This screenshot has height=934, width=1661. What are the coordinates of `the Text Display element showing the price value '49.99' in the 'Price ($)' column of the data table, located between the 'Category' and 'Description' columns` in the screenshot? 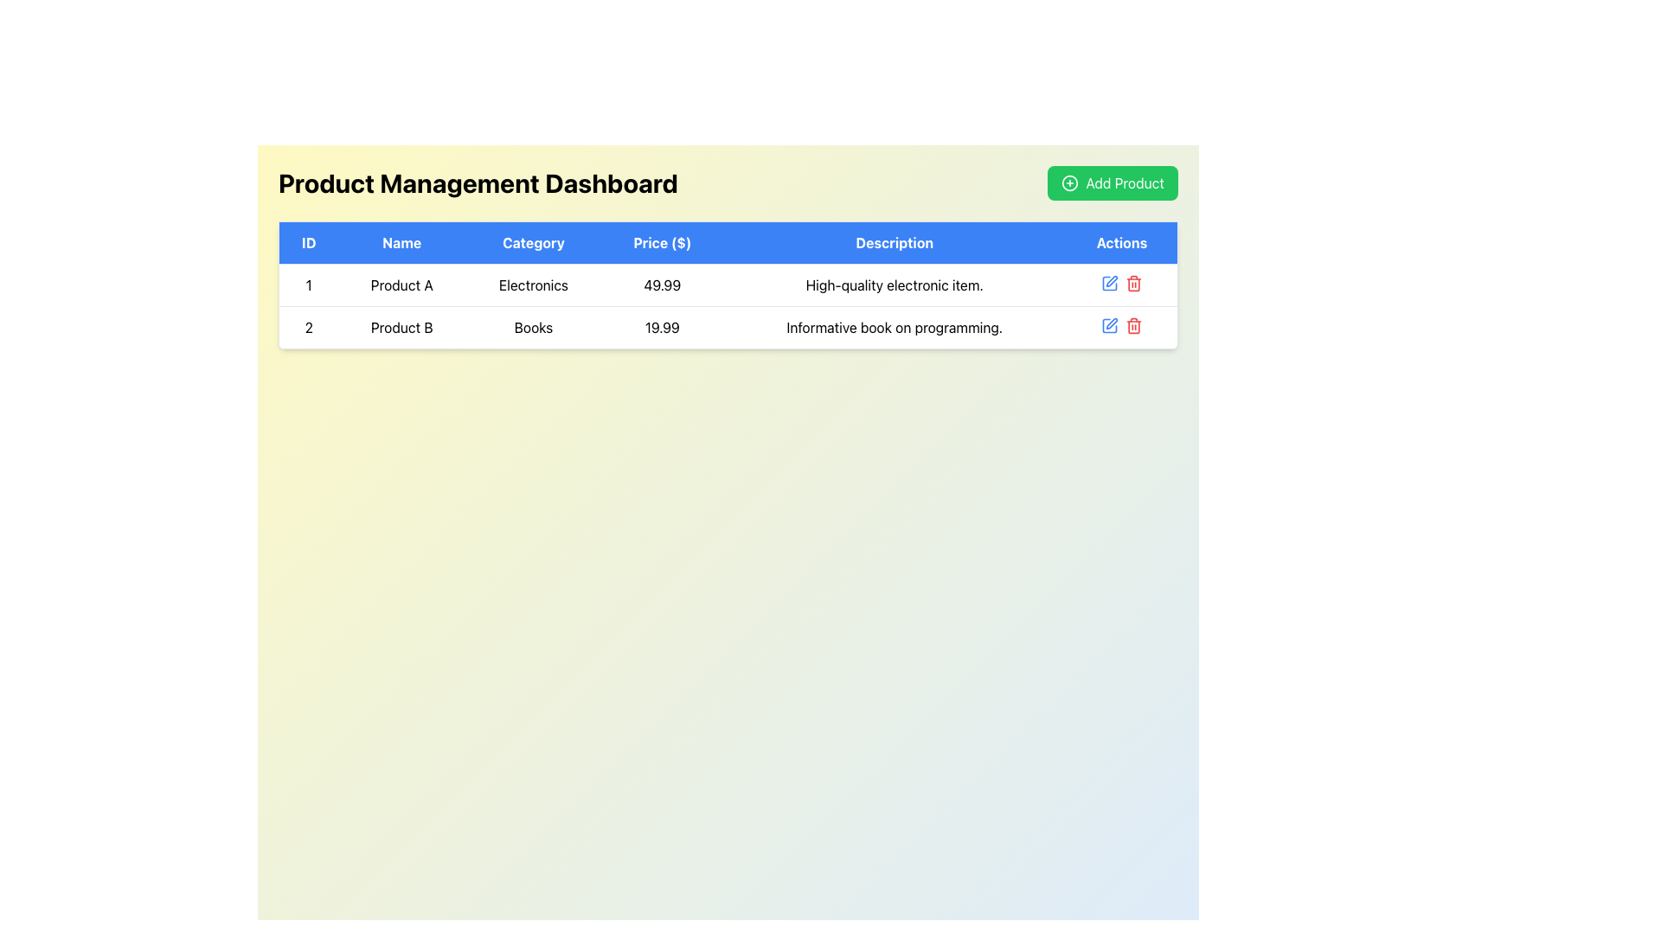 It's located at (661, 285).